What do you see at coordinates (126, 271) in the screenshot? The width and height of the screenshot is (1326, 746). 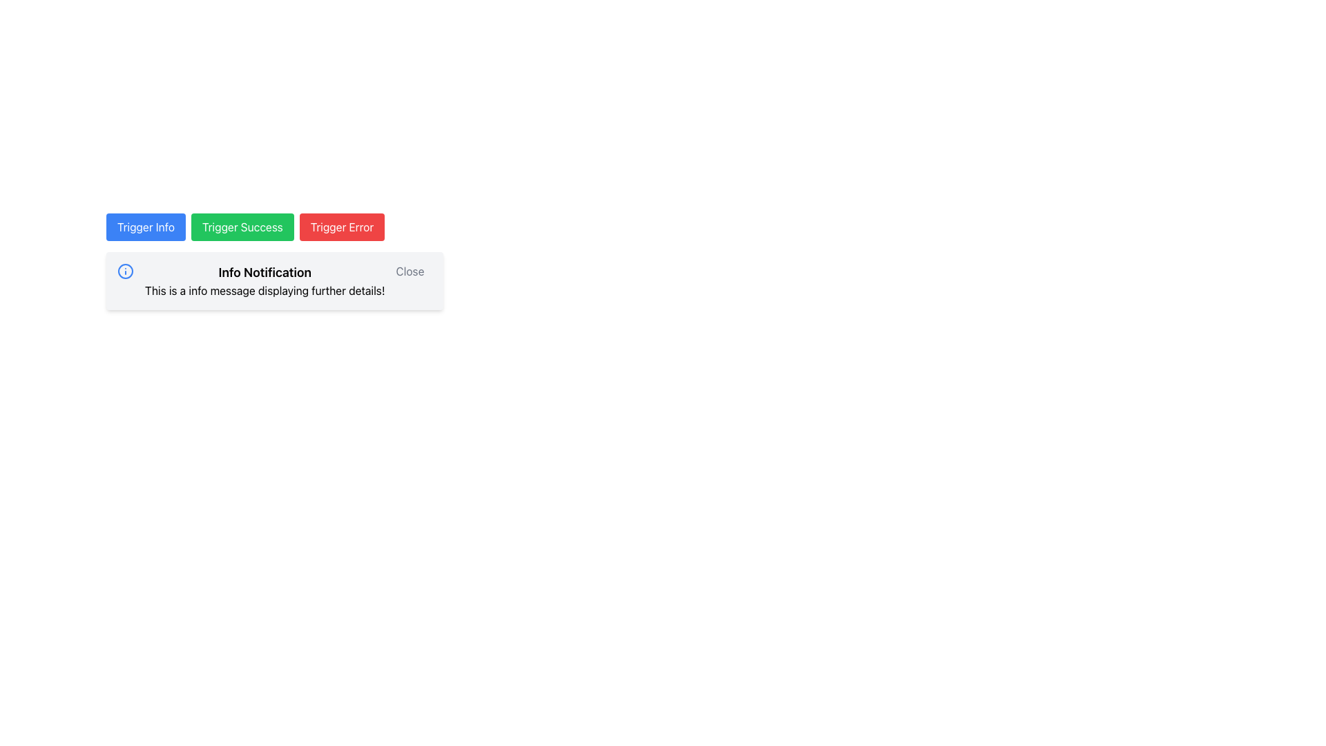 I see `the informational icon located in the top-left corner of the 'Info Notification' box, adjacent to the title text, to provide a visual cue about the message` at bounding box center [126, 271].